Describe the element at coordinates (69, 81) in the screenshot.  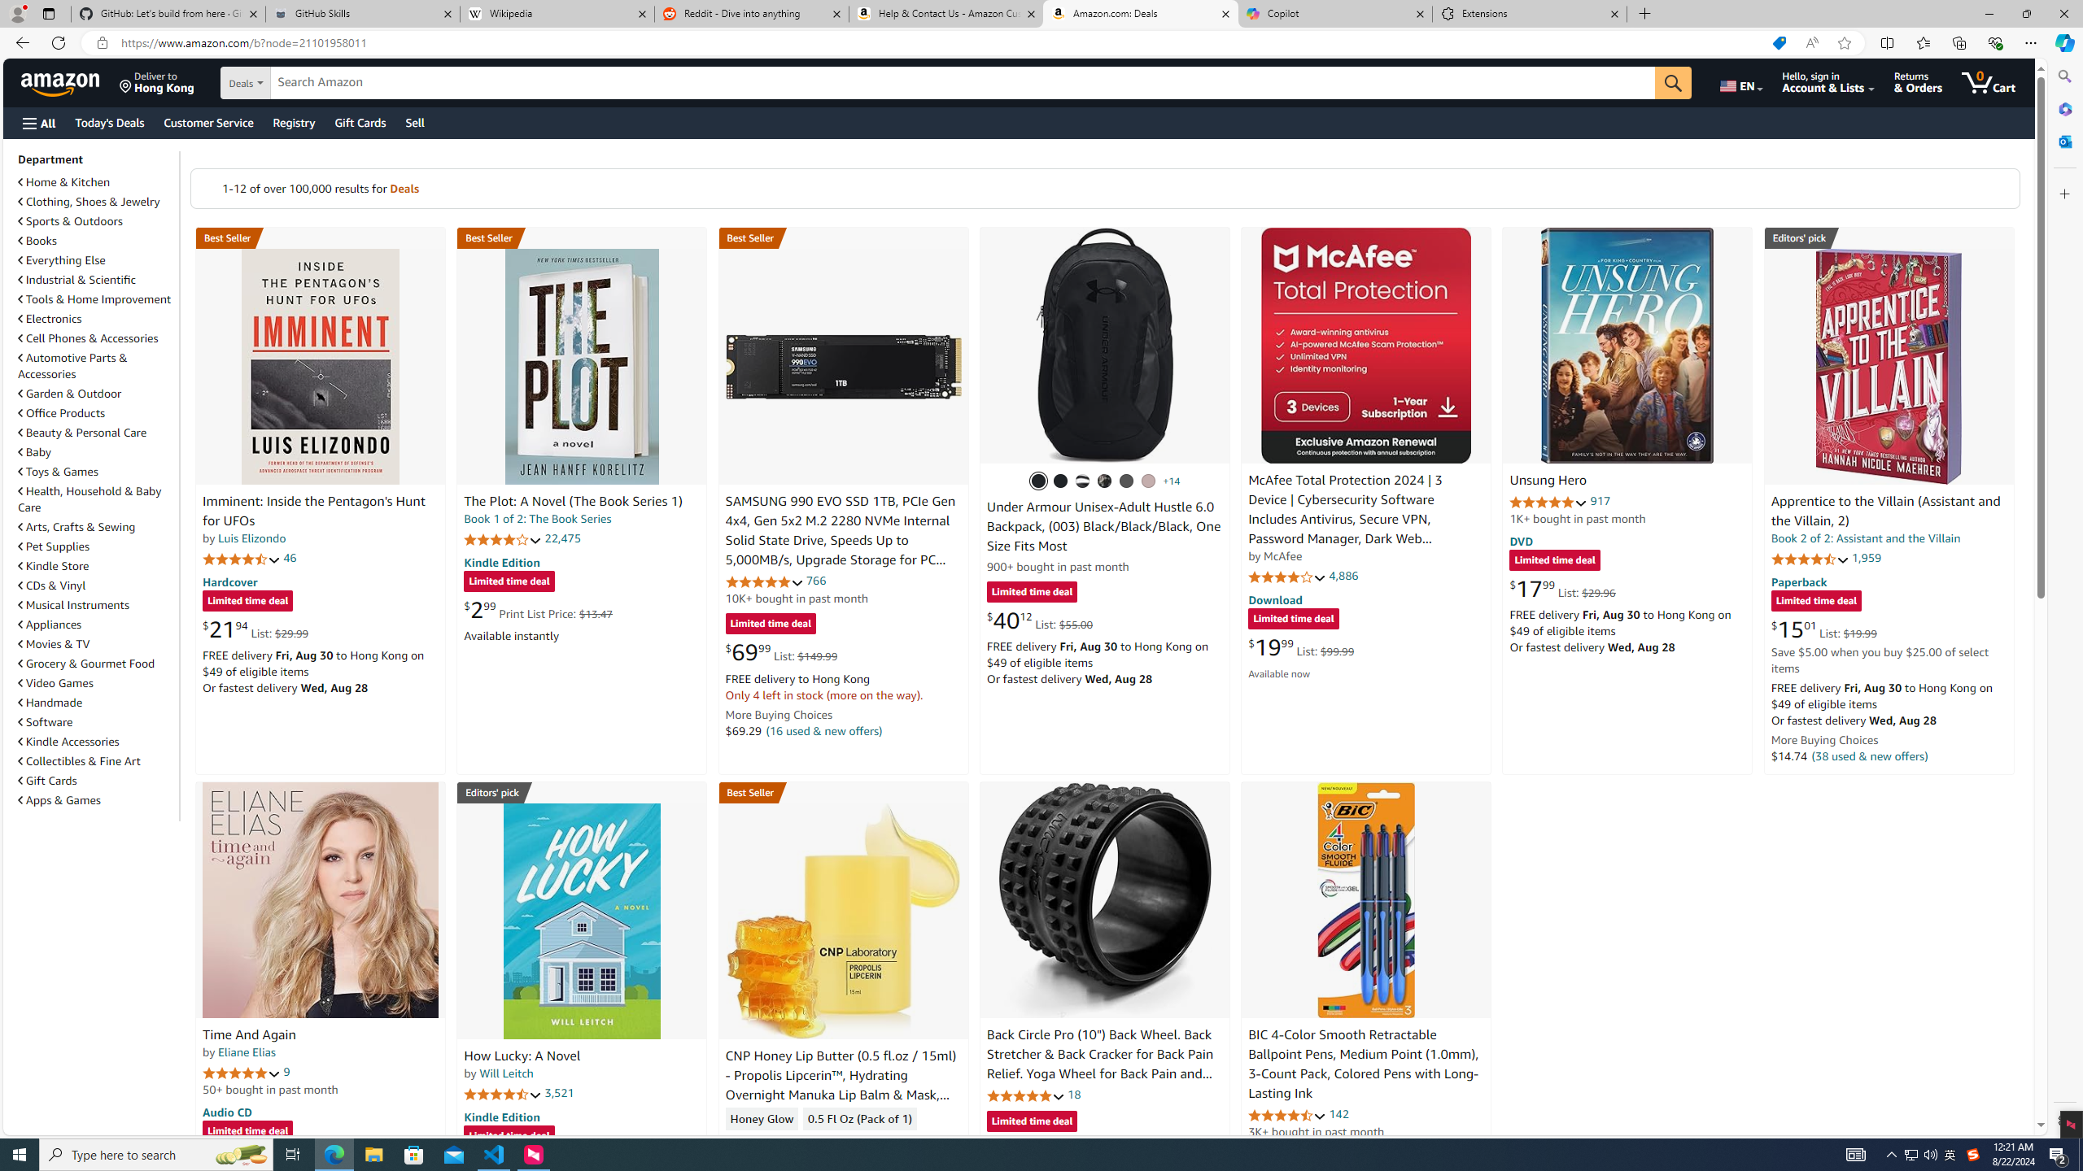
I see `'Skip to main content'` at that location.